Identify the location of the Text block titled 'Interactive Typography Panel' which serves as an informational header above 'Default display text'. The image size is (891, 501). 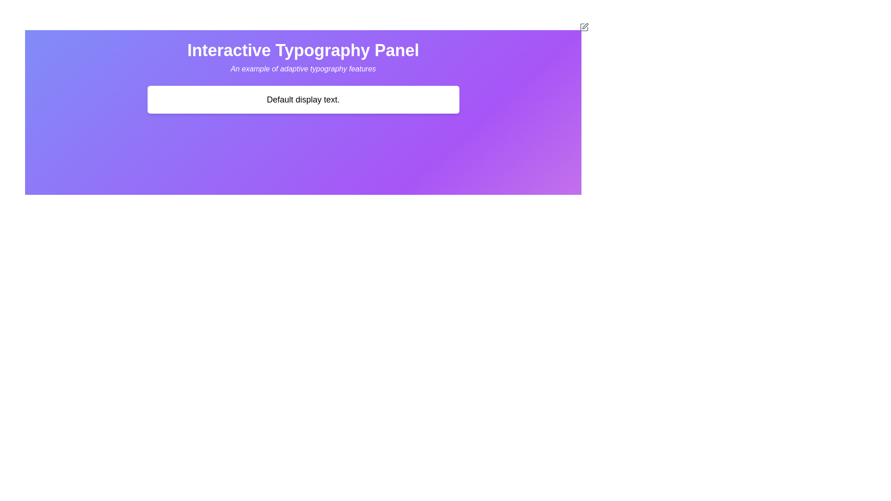
(303, 58).